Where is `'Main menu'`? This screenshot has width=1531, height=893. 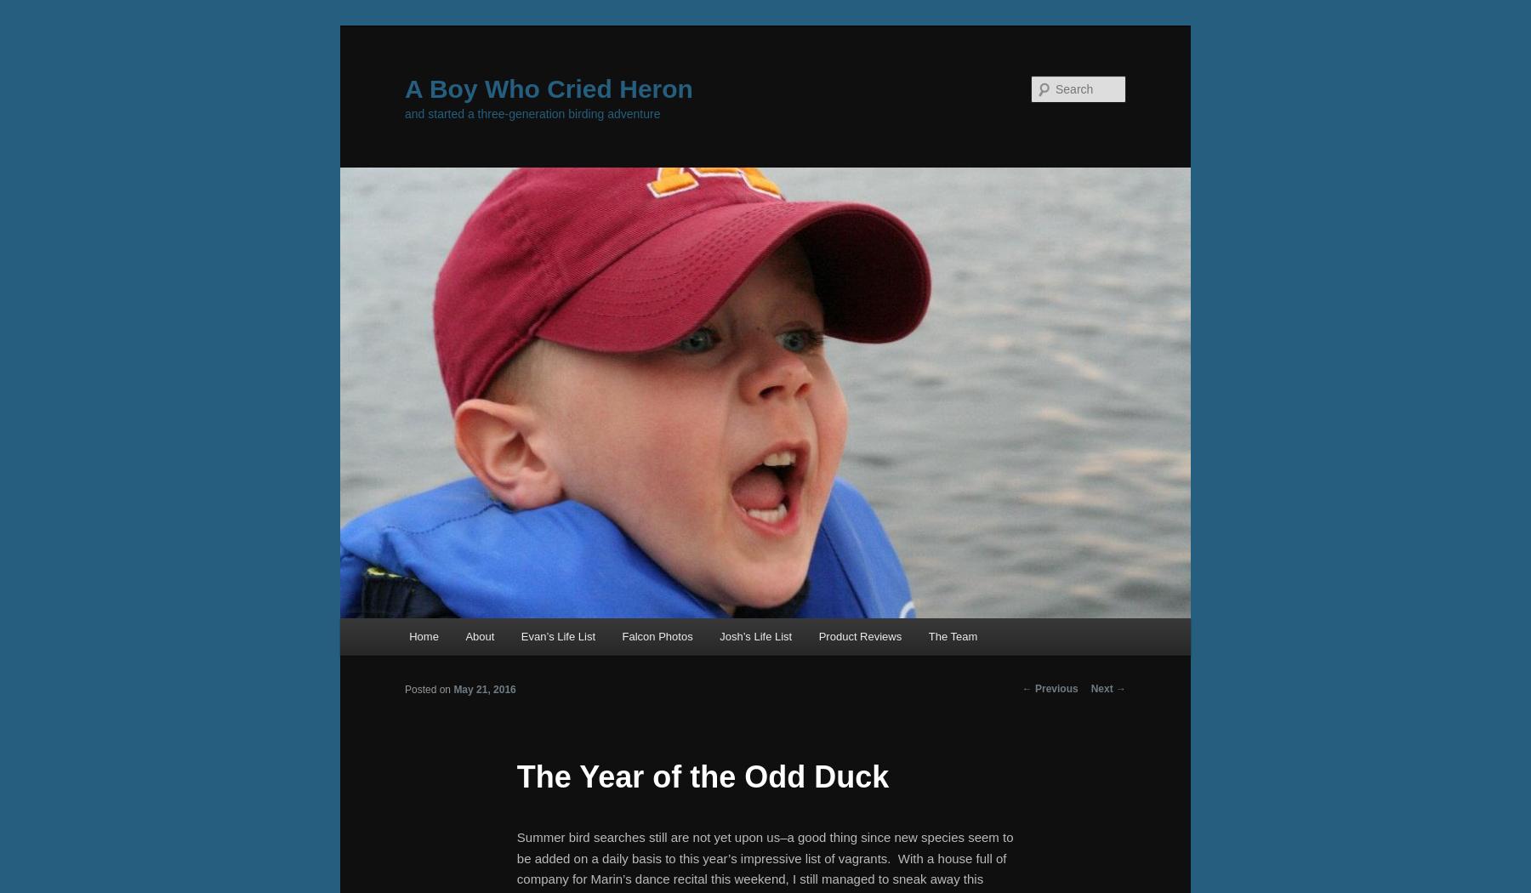 'Main menu' is located at coordinates (372, 627).